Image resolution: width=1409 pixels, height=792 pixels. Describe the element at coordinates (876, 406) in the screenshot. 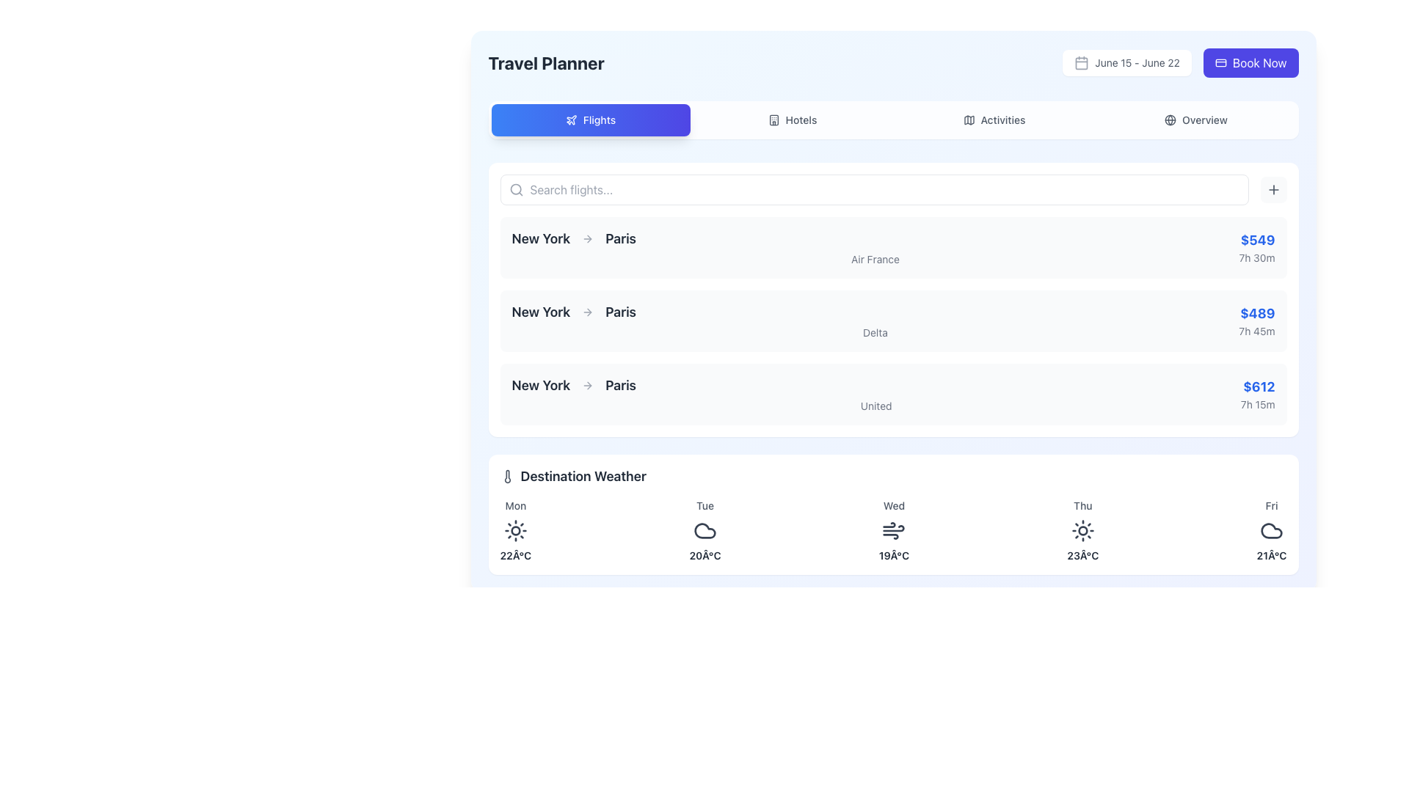

I see `the text label displaying 'United' in gray color, located under the flight details within the third flight option block` at that location.